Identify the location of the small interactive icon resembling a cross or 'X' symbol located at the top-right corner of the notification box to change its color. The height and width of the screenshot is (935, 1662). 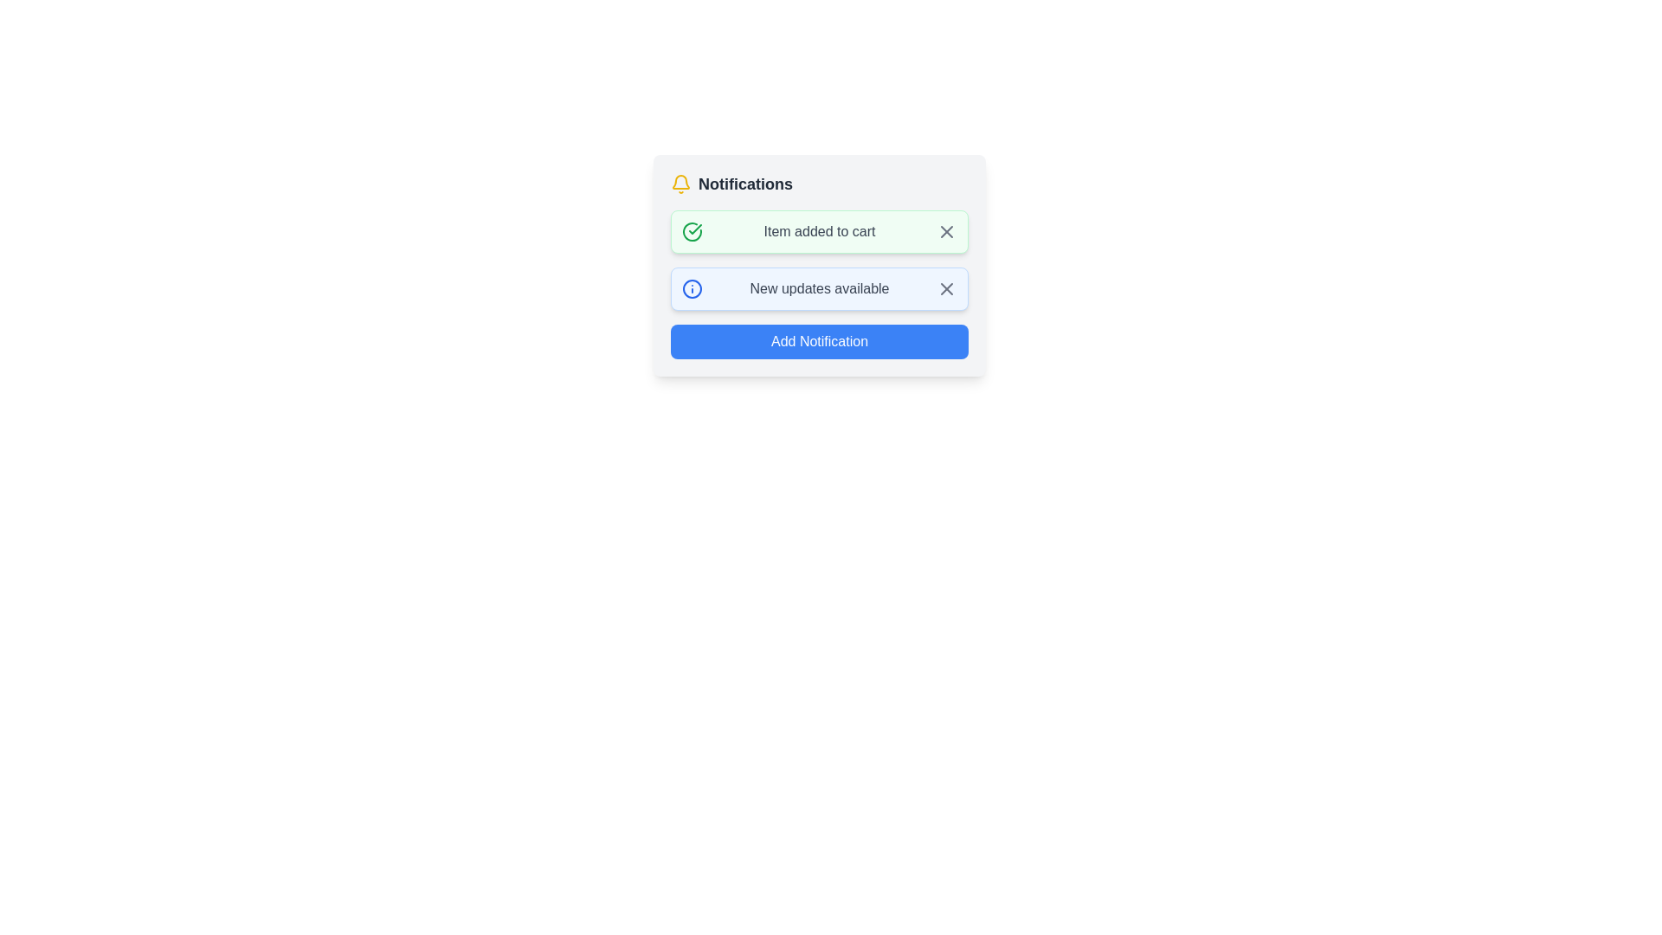
(946, 288).